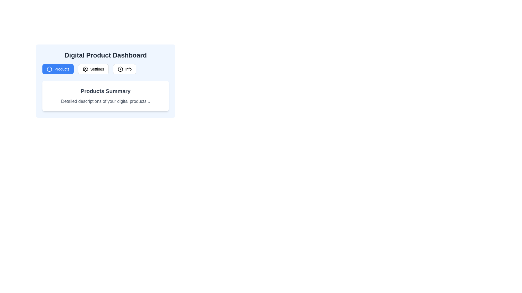 This screenshot has width=522, height=293. I want to click on the heading element which serves as a title for the section summarizing products, located below the 'Digital Product Dashboard' heading, so click(105, 91).